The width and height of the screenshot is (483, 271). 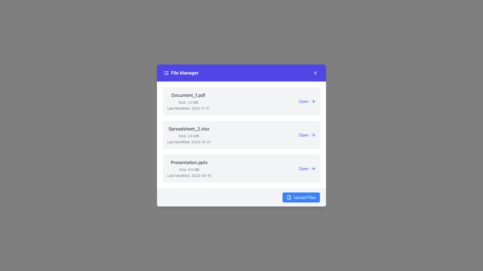 What do you see at coordinates (314, 101) in the screenshot?
I see `the right-pointing arrow icon located to the right of the horizontal line in the 'Document_1.pdf' entry` at bounding box center [314, 101].